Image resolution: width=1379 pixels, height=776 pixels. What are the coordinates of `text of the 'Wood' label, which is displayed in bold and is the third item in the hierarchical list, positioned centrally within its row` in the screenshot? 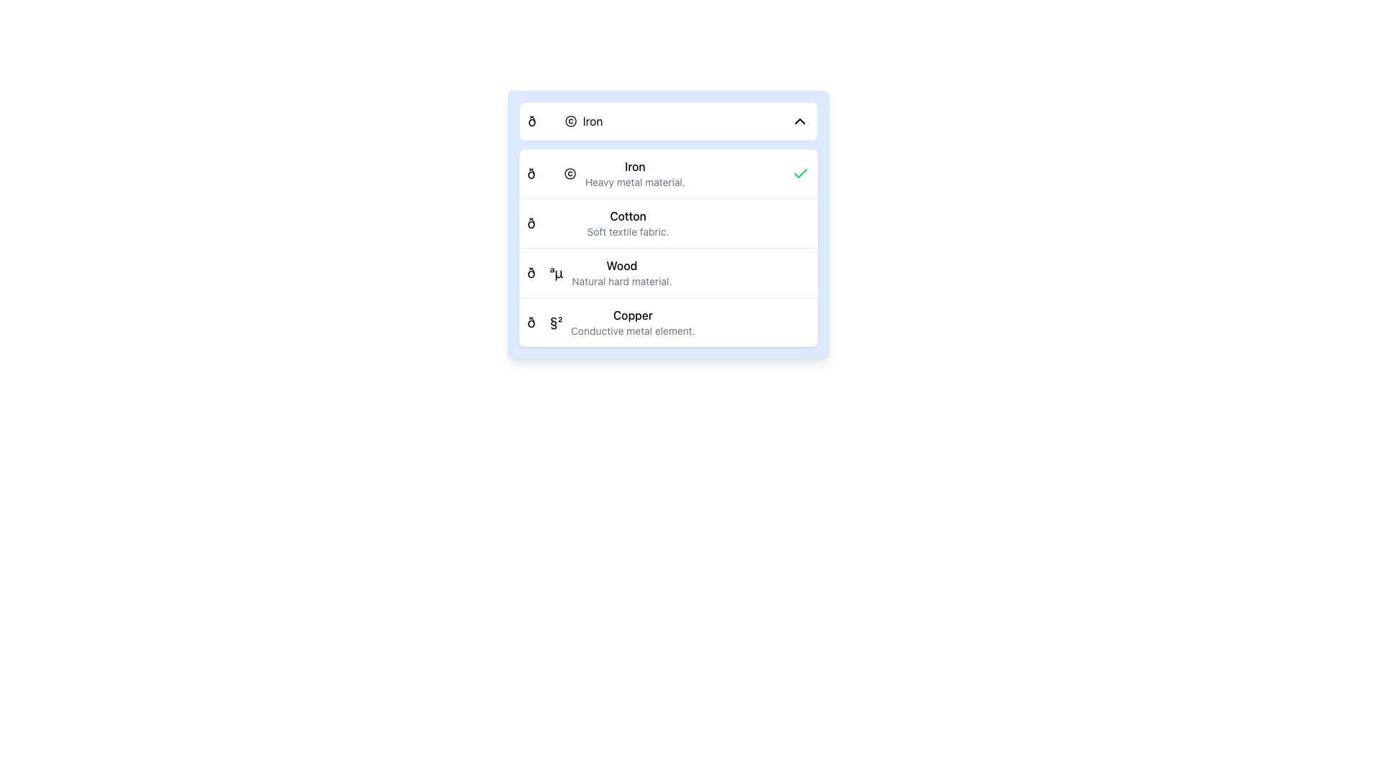 It's located at (621, 266).